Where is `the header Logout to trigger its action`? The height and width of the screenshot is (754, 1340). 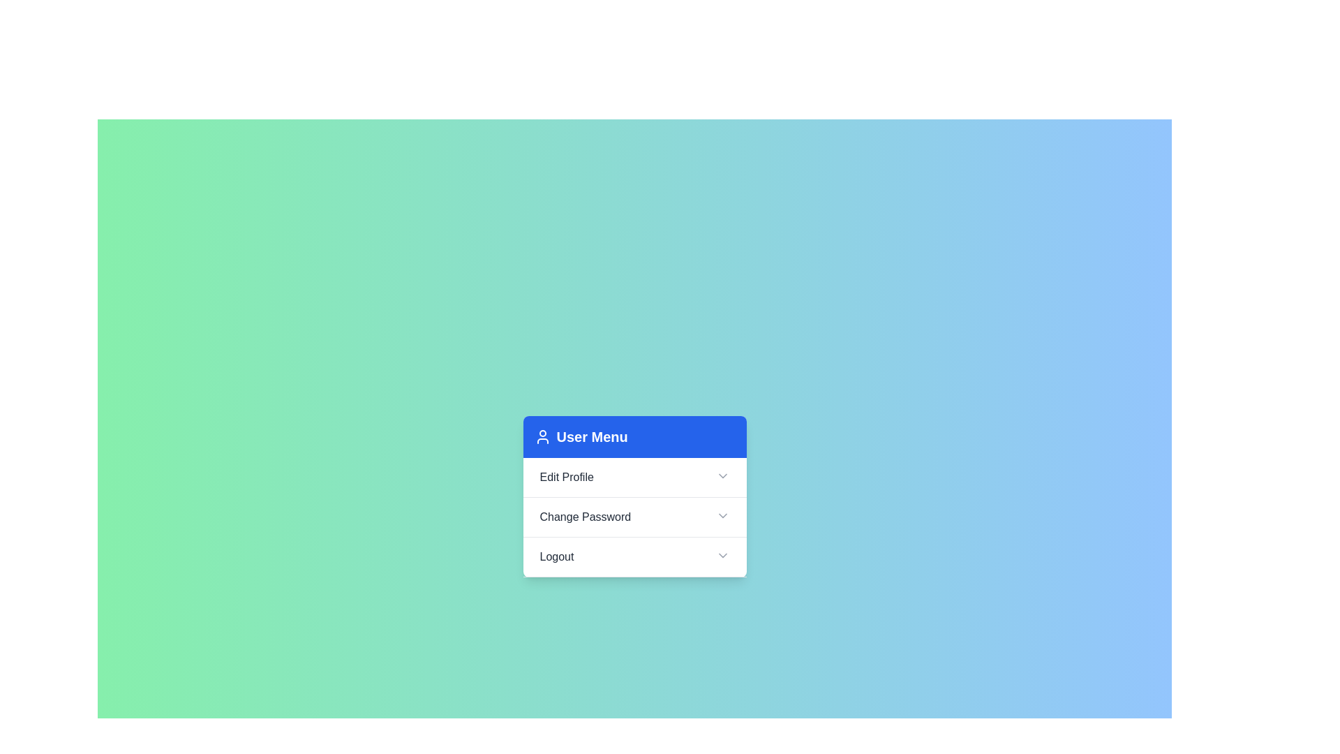 the header Logout to trigger its action is located at coordinates (634, 556).